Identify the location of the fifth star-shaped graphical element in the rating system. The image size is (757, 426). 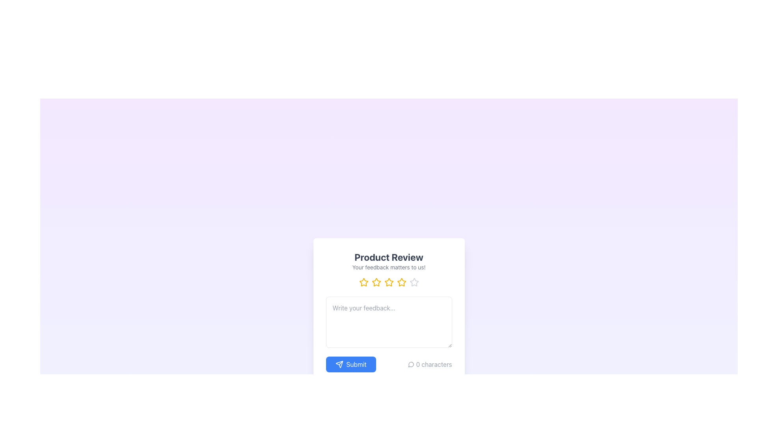
(414, 282).